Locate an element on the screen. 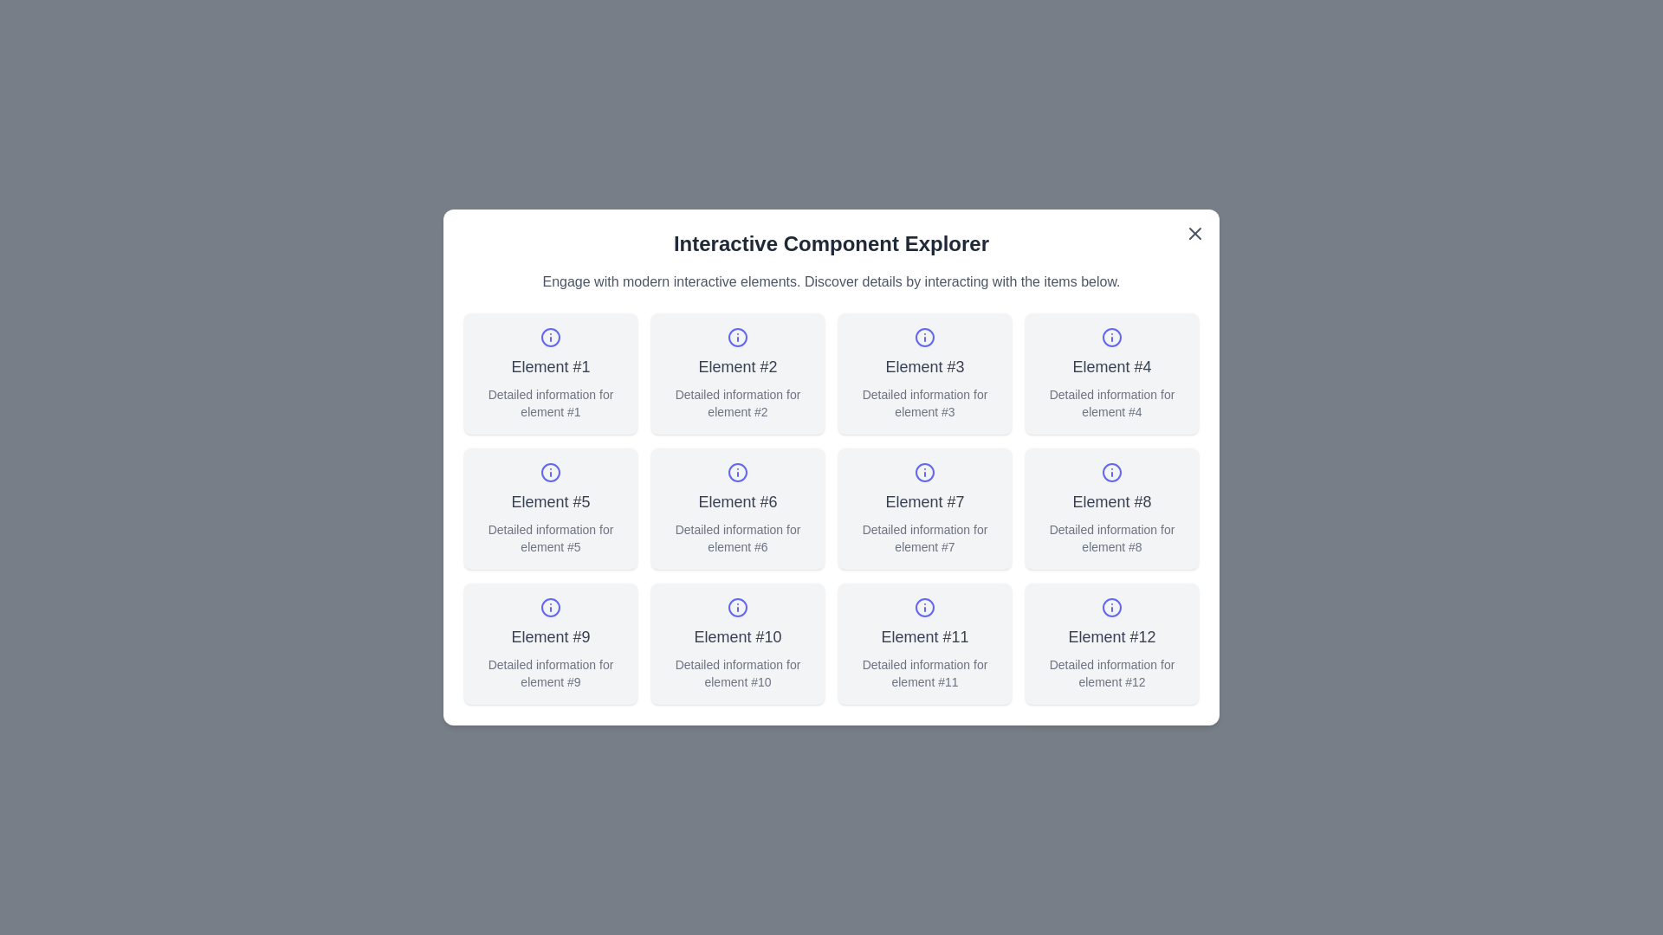  the close button at the top-right corner of the dialog is located at coordinates (1194, 234).